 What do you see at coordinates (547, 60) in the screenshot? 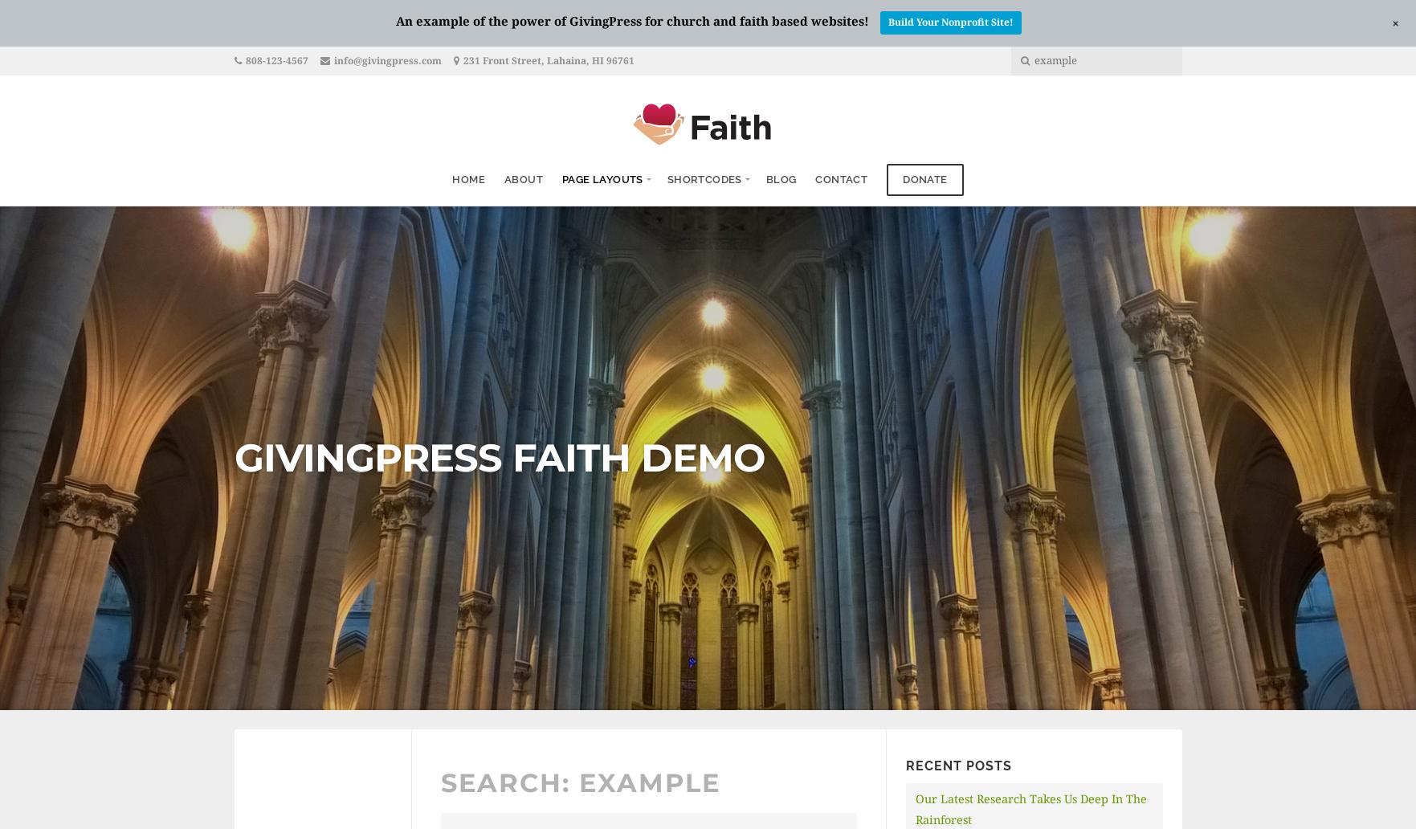
I see `'231 Front Street, Lahaina, HI 96761'` at bounding box center [547, 60].